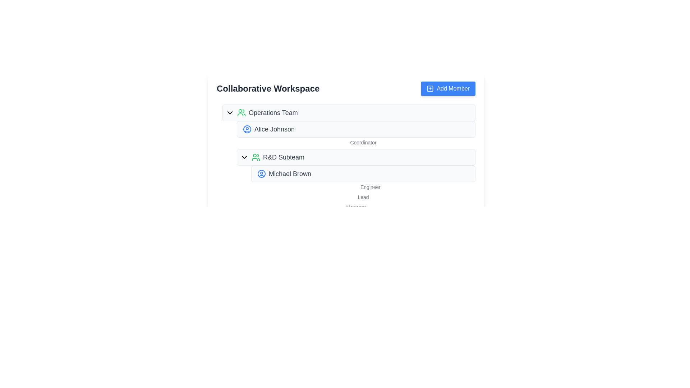 The height and width of the screenshot is (388, 690). I want to click on the icon-based toggle button located at the top of the interface, aligned with the 'Operations Team' label, so click(229, 112).